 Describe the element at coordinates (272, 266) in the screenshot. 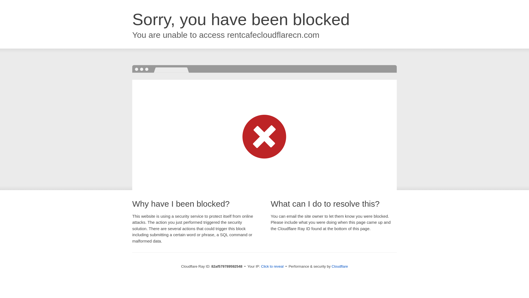

I see `'Click to reveal'` at that location.